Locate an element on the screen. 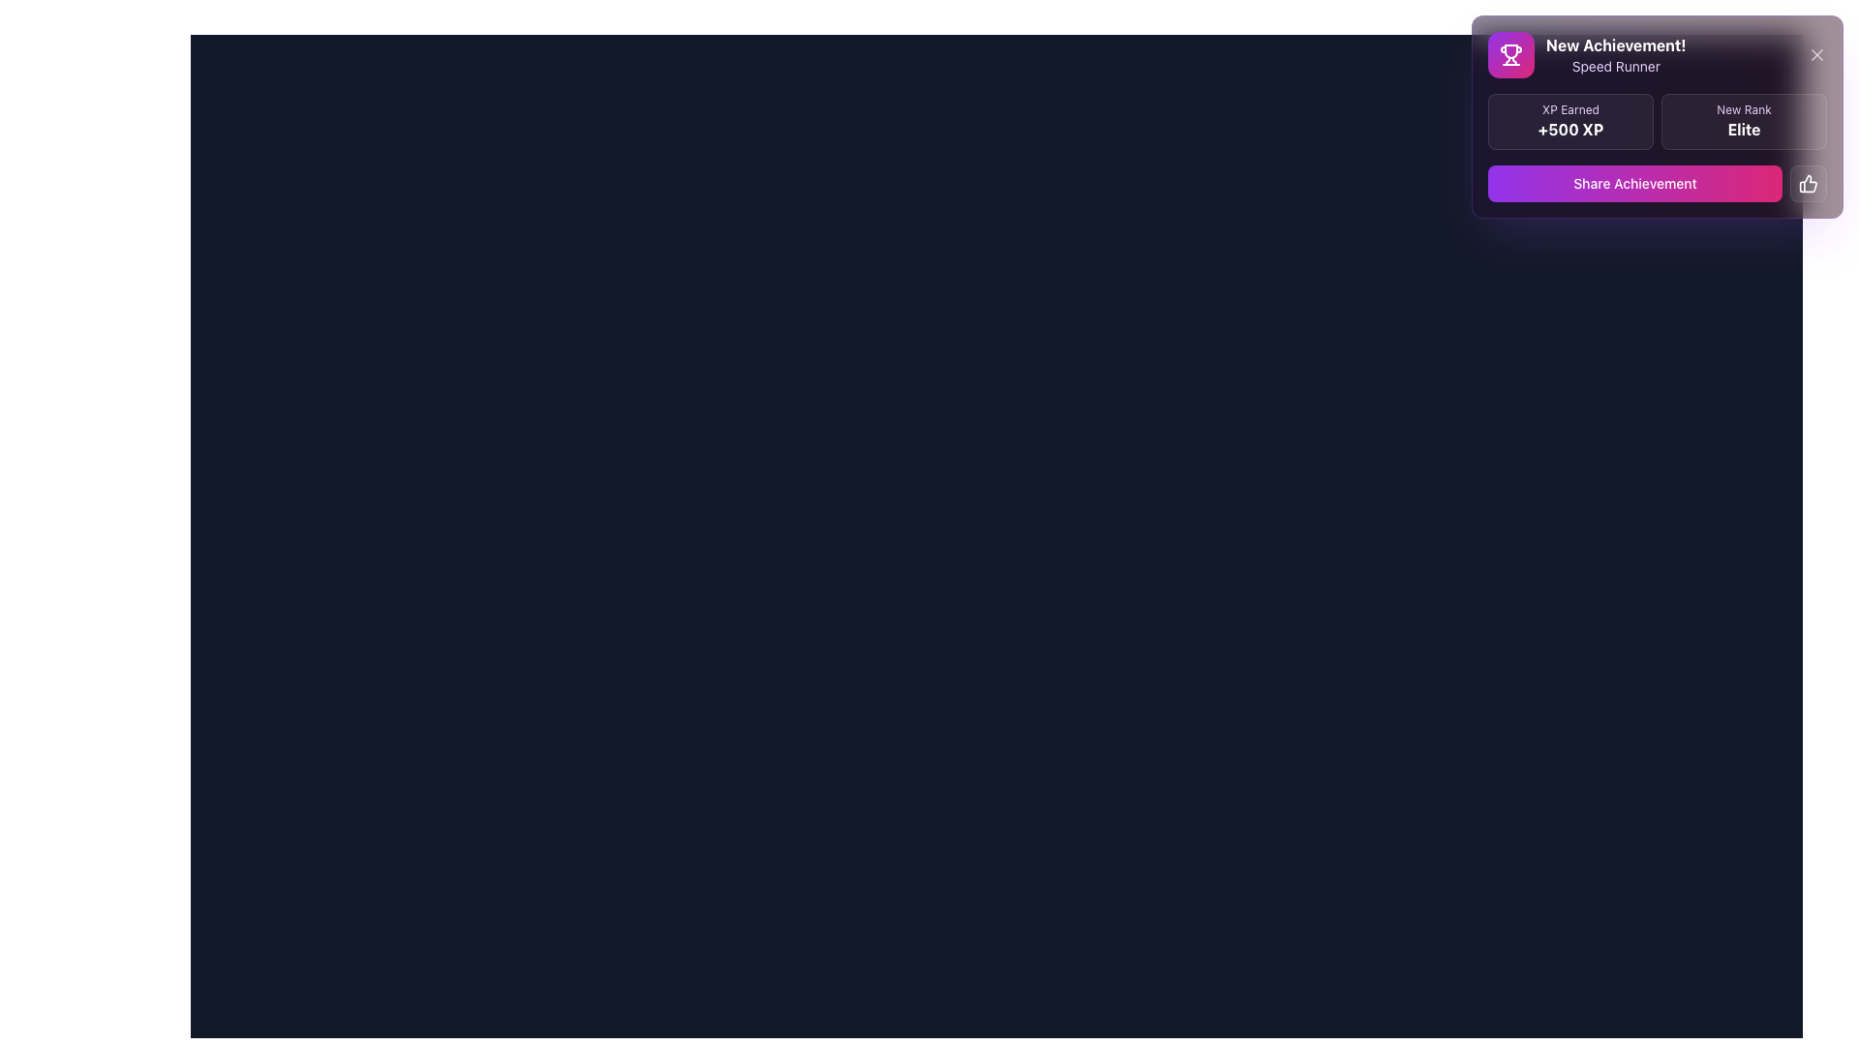 This screenshot has width=1859, height=1045. the close button located in the top-right corner of the notification card is located at coordinates (1815, 54).